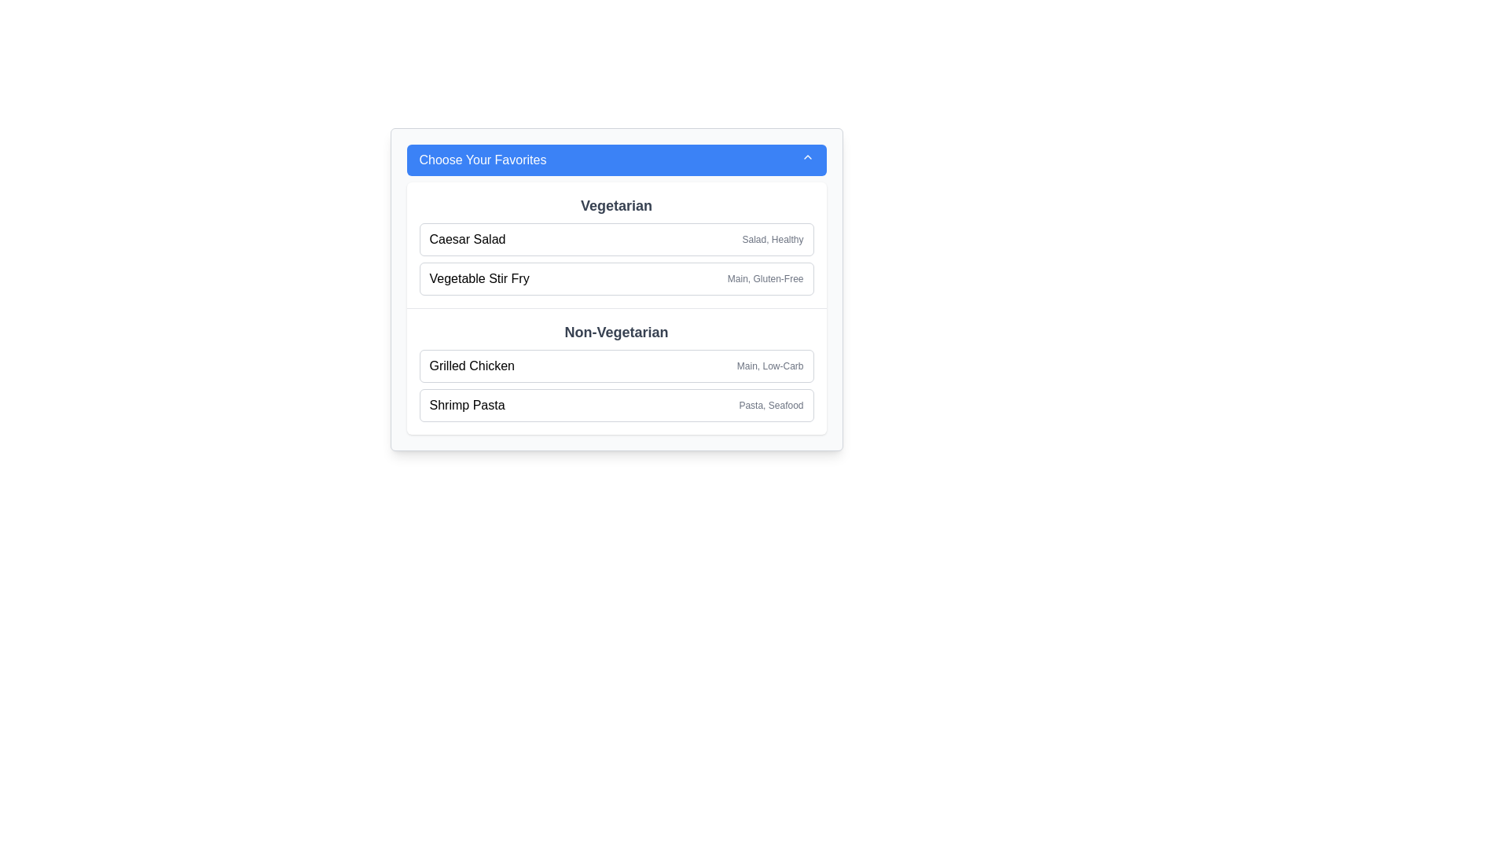 This screenshot has width=1509, height=849. What do you see at coordinates (615, 385) in the screenshot?
I see `each row in the Non-Vegetarian list to make a selection from the available food items` at bounding box center [615, 385].